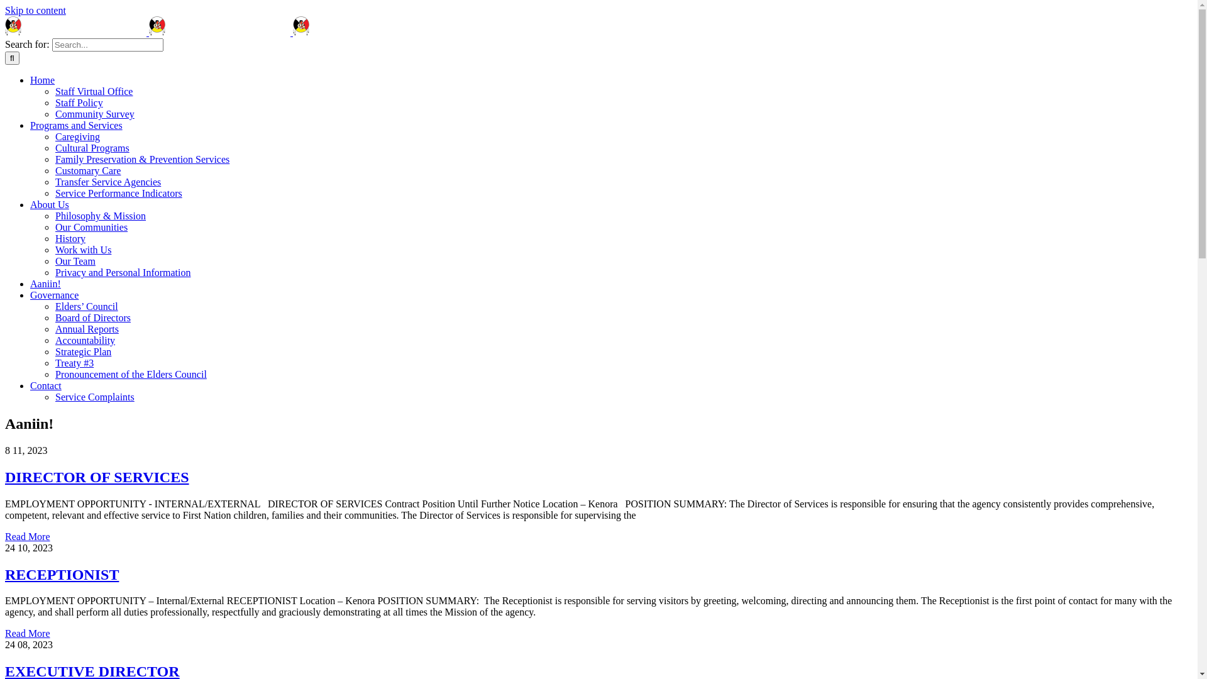  What do you see at coordinates (42, 80) in the screenshot?
I see `'Home'` at bounding box center [42, 80].